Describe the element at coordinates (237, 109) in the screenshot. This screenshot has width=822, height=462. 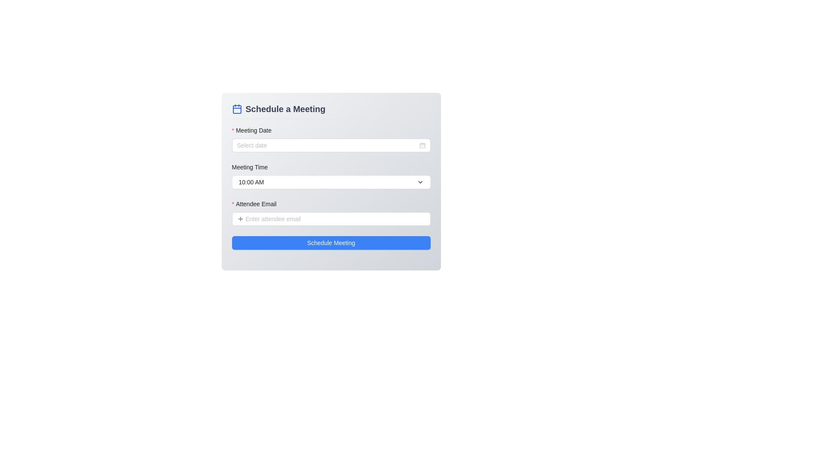
I see `the light gray rounded rectangular detail within the calendar icon, which is located to the left of the 'Schedule a Meeting' heading` at that location.